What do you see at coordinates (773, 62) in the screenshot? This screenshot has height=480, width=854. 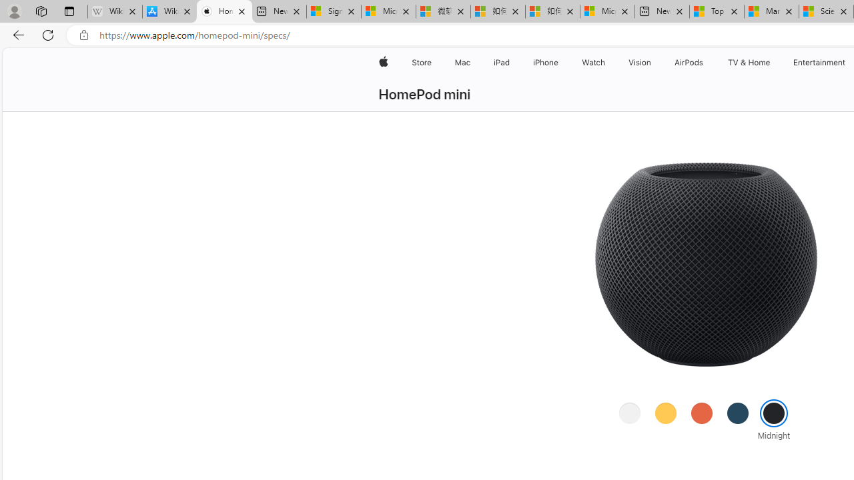 I see `'Class: globalnav-submenu-trigger-item'` at bounding box center [773, 62].